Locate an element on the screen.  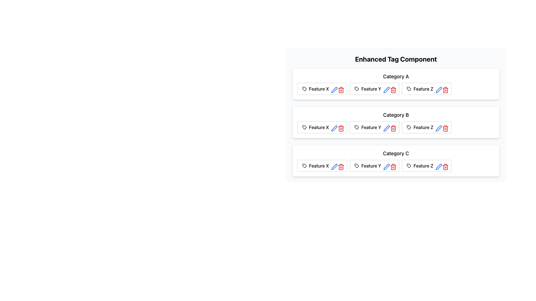
the informational Text Label in the second slot of the first row in the 'Category A' section is located at coordinates (371, 89).